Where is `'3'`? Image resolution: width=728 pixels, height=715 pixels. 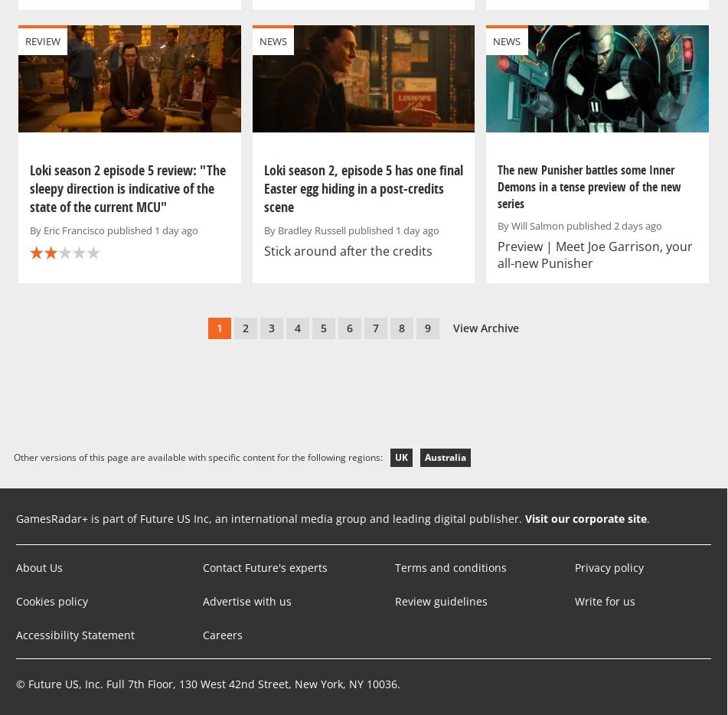 '3' is located at coordinates (272, 328).